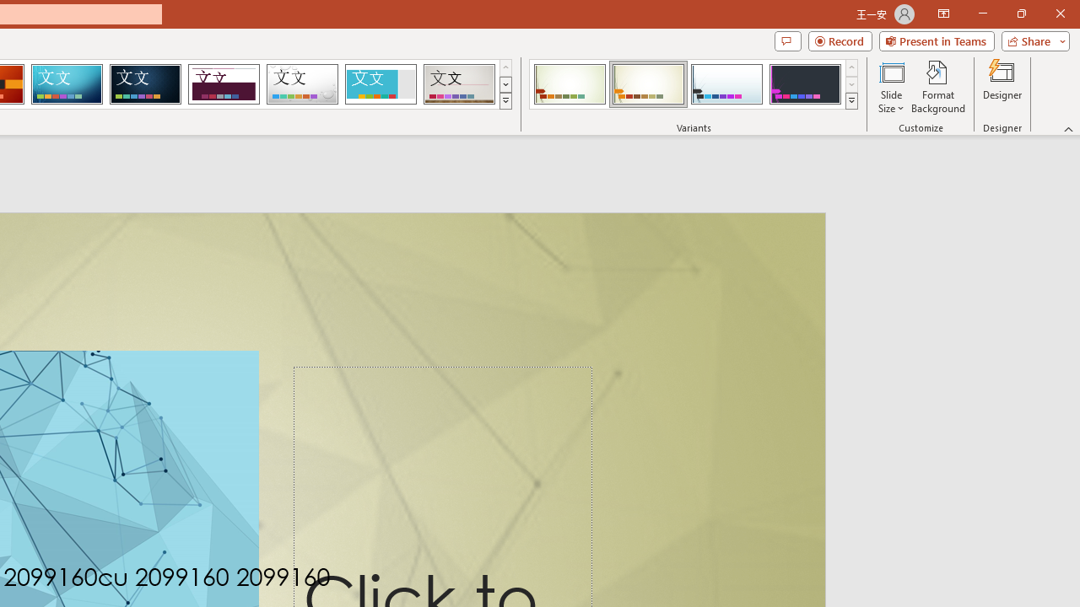 Image resolution: width=1080 pixels, height=607 pixels. What do you see at coordinates (694, 84) in the screenshot?
I see `'AutomationID: ThemeVariantsGallery'` at bounding box center [694, 84].